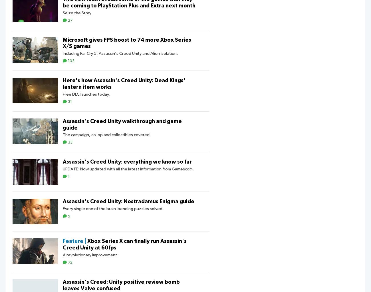 This screenshot has height=292, width=371. What do you see at coordinates (90, 255) in the screenshot?
I see `'A revolutionary improvement.'` at bounding box center [90, 255].